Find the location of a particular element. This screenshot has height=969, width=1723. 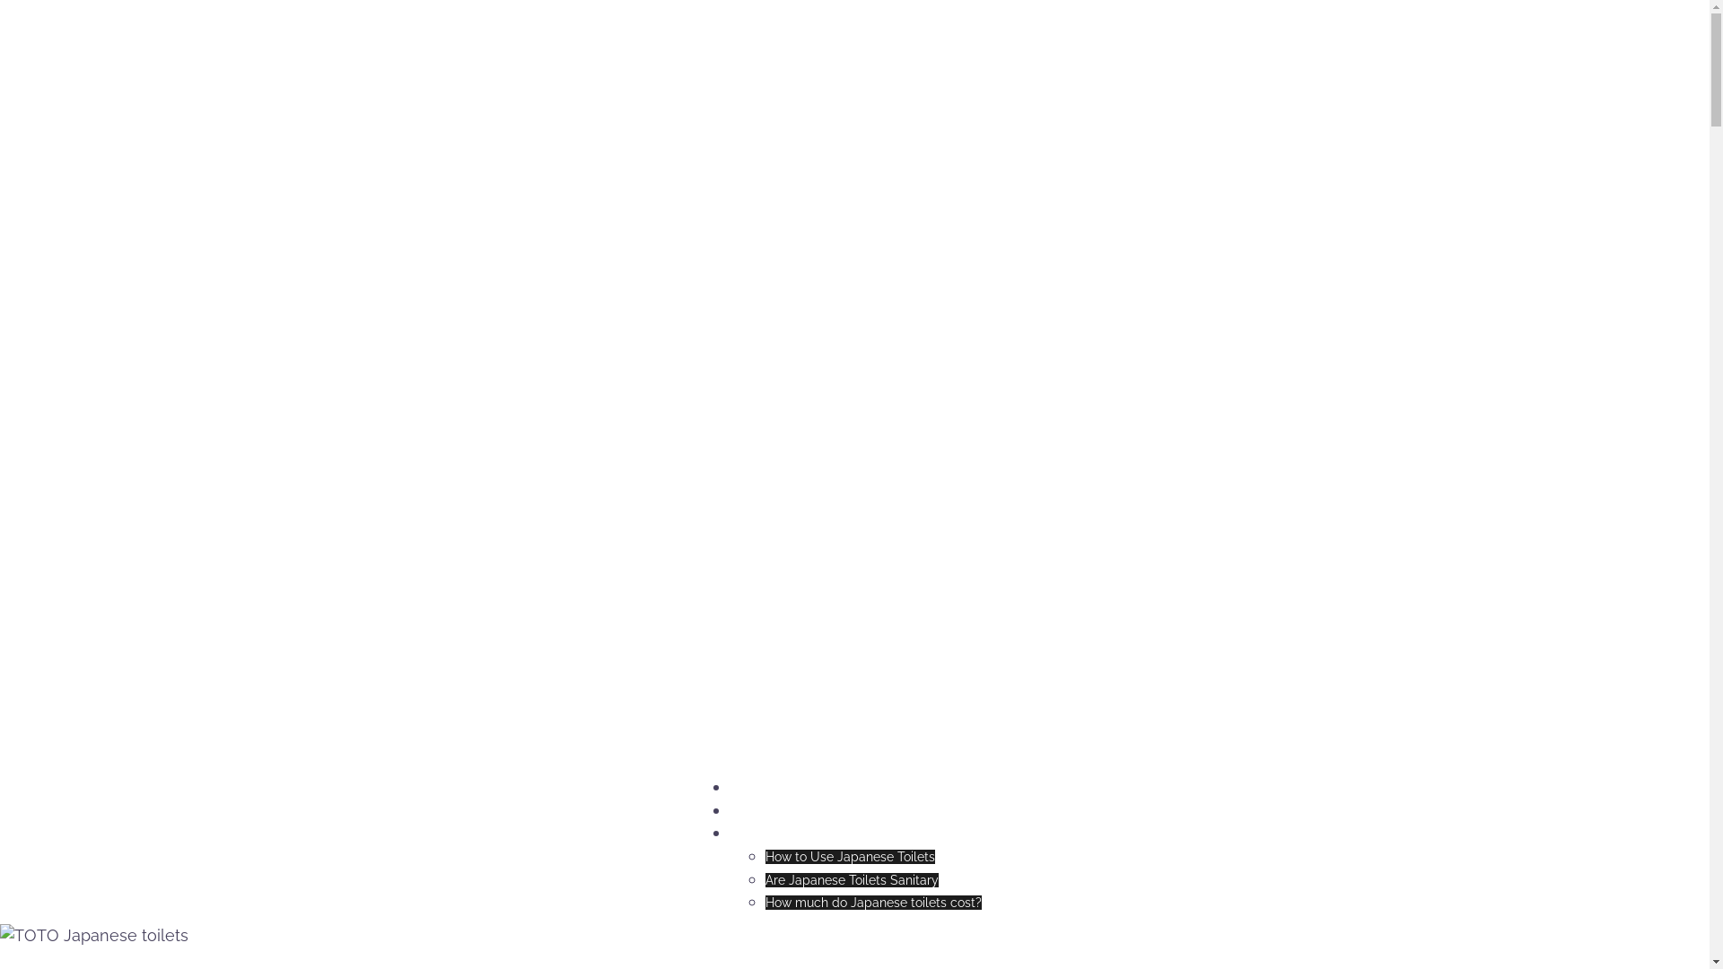

'How to Use Japanese Toilets' is located at coordinates (848, 856).